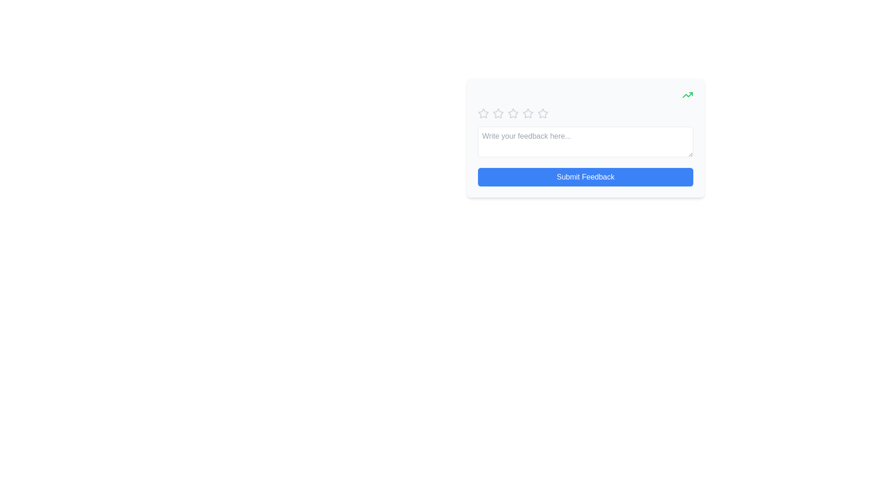 Image resolution: width=891 pixels, height=501 pixels. What do you see at coordinates (543, 113) in the screenshot?
I see `the fifth hollow star icon in the rating section` at bounding box center [543, 113].